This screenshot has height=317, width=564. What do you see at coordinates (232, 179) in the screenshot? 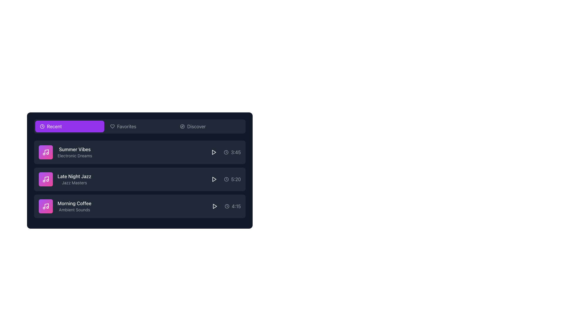
I see `the informational label displaying the duration of the media entry located in the second row of list items in the content card, positioned to the right of the play button` at bounding box center [232, 179].